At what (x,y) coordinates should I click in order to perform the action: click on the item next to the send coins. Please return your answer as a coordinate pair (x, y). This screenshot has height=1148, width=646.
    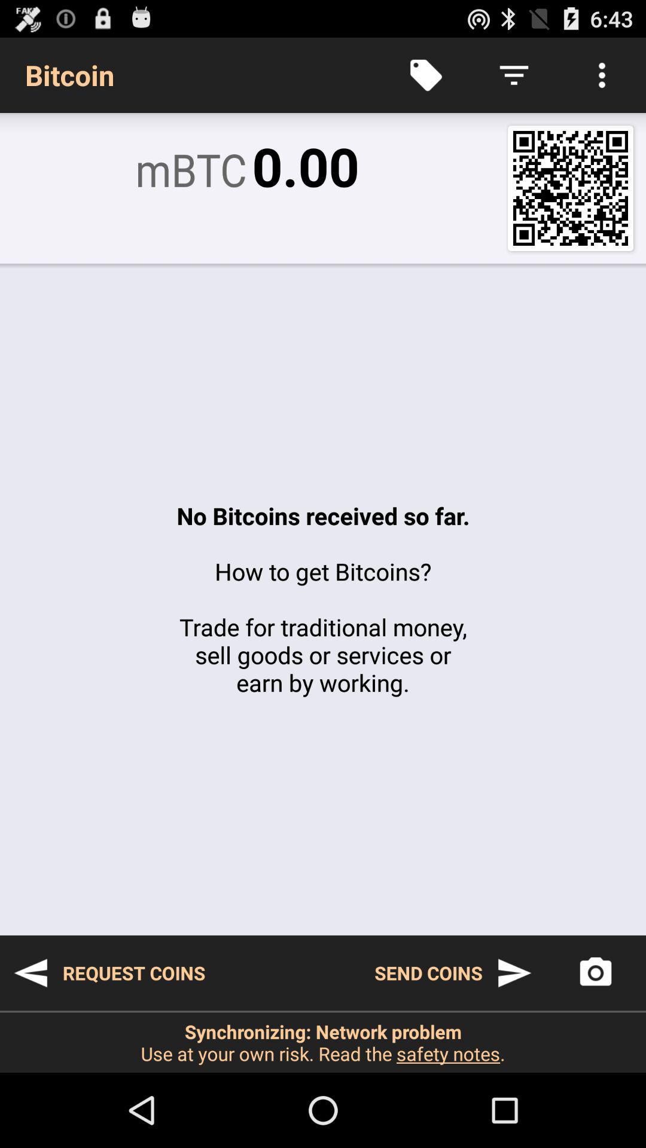
    Looking at the image, I should click on (109, 973).